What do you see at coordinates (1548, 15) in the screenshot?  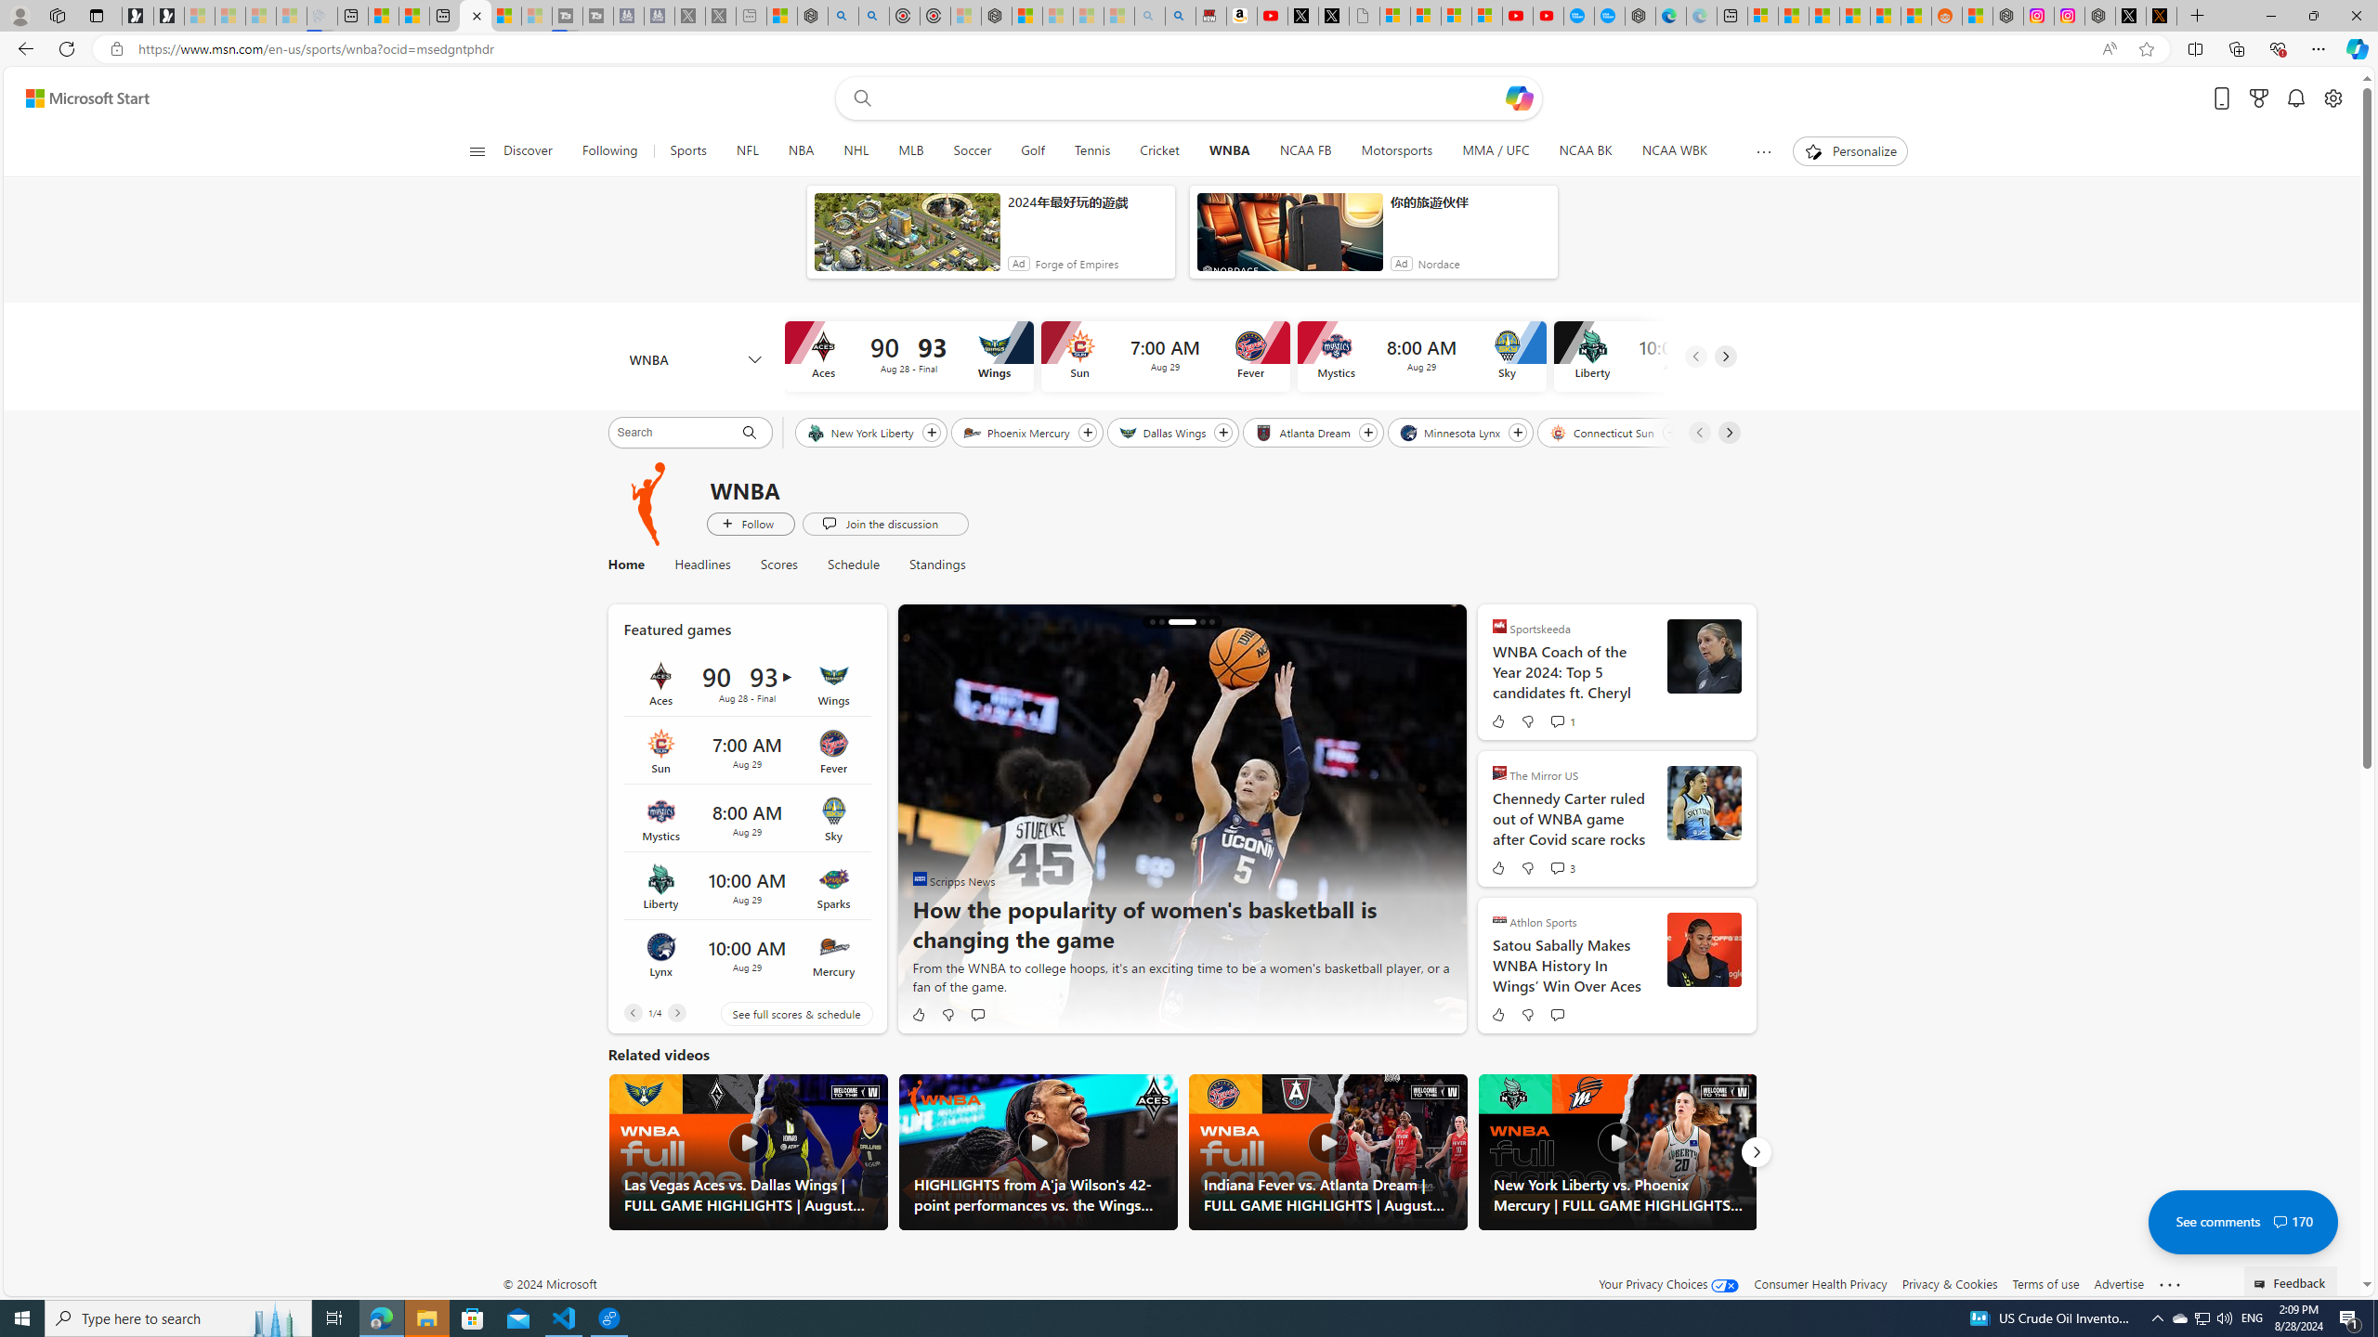 I see `'YouTube Kids - An App Created for Kids to Explore Content'` at bounding box center [1548, 15].